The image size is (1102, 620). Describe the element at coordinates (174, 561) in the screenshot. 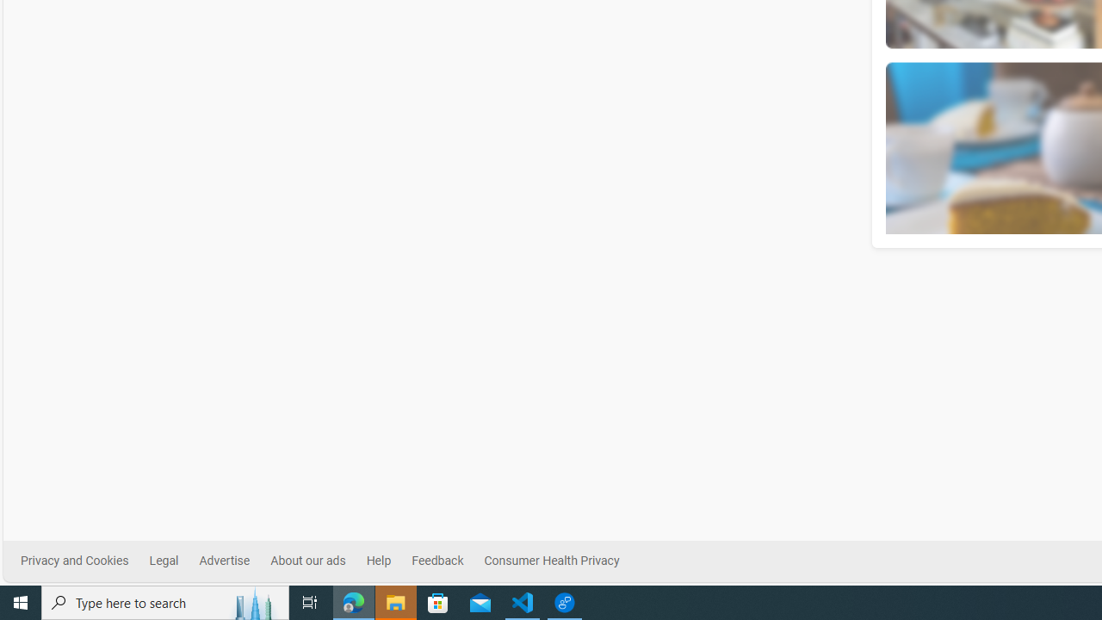

I see `'Legal'` at that location.